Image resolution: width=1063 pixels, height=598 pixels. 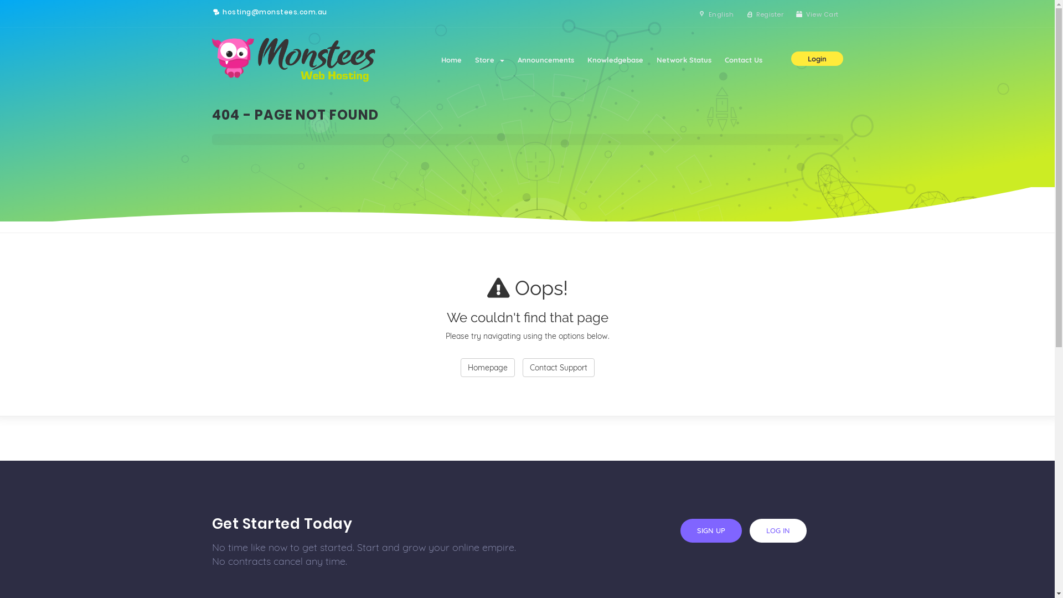 What do you see at coordinates (545, 60) in the screenshot?
I see `'Announcements'` at bounding box center [545, 60].